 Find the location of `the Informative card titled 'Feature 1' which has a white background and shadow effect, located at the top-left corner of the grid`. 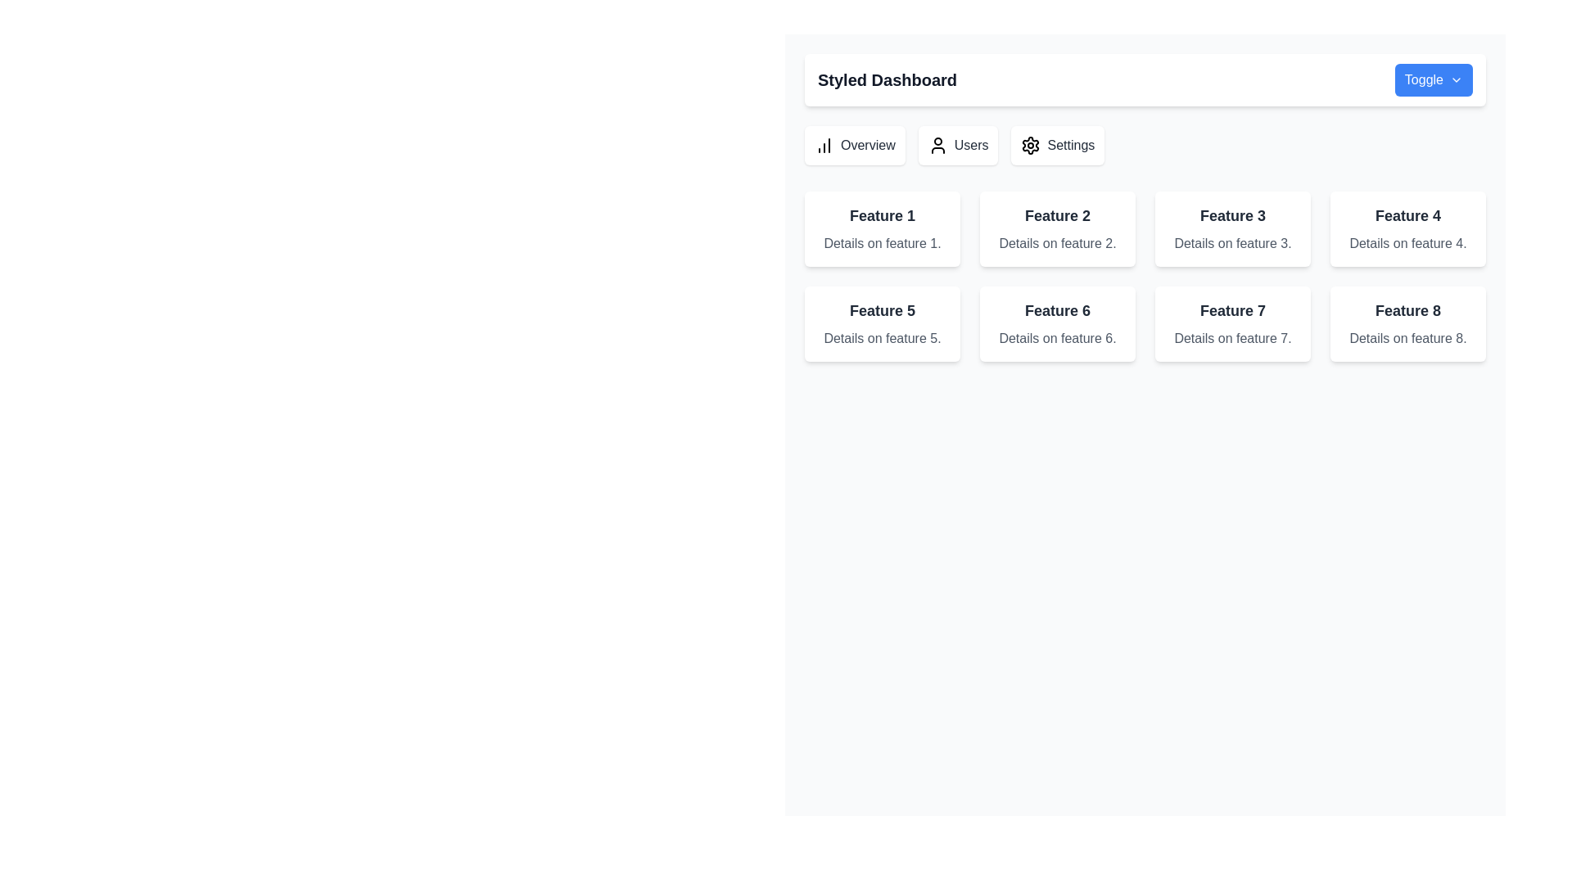

the Informative card titled 'Feature 1' which has a white background and shadow effect, located at the top-left corner of the grid is located at coordinates (882, 229).